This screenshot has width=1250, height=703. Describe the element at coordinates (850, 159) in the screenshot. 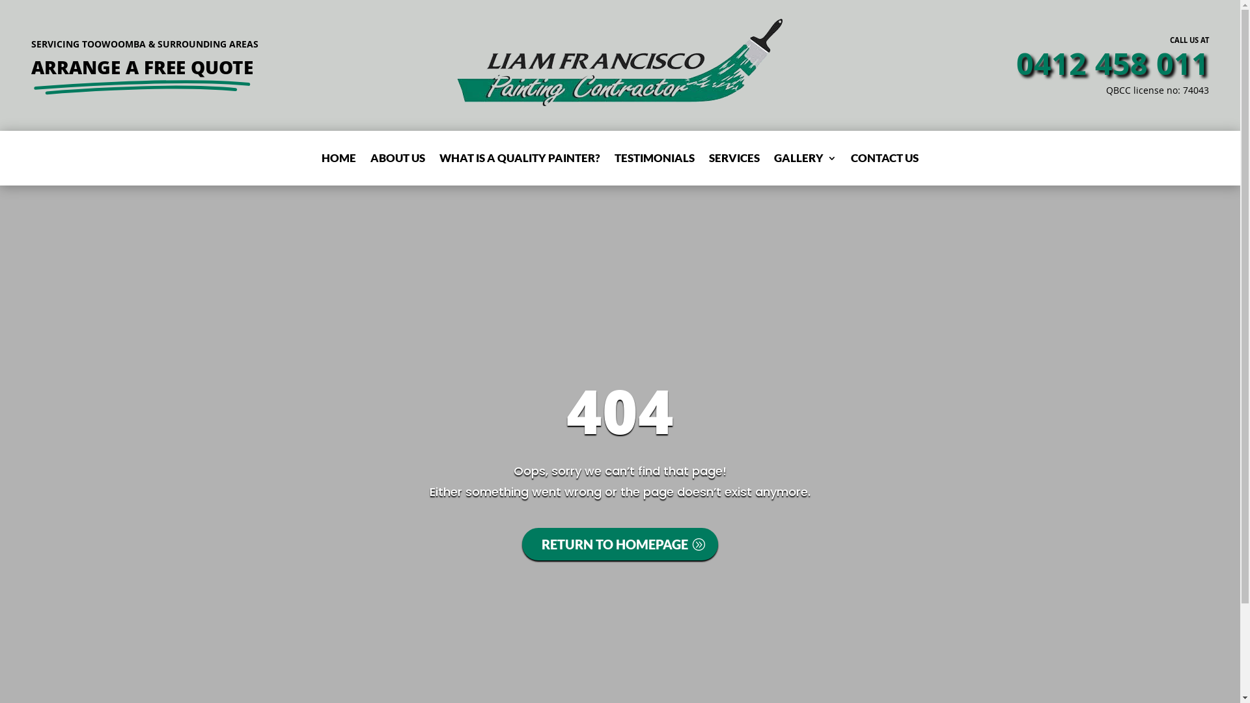

I see `'CONTACT US'` at that location.